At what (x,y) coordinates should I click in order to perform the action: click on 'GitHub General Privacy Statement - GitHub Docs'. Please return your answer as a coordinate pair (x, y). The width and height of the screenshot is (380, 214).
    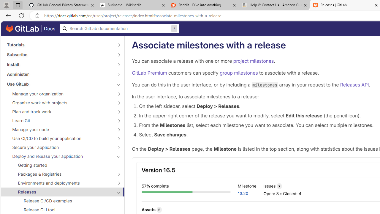
    Looking at the image, I should click on (61, 5).